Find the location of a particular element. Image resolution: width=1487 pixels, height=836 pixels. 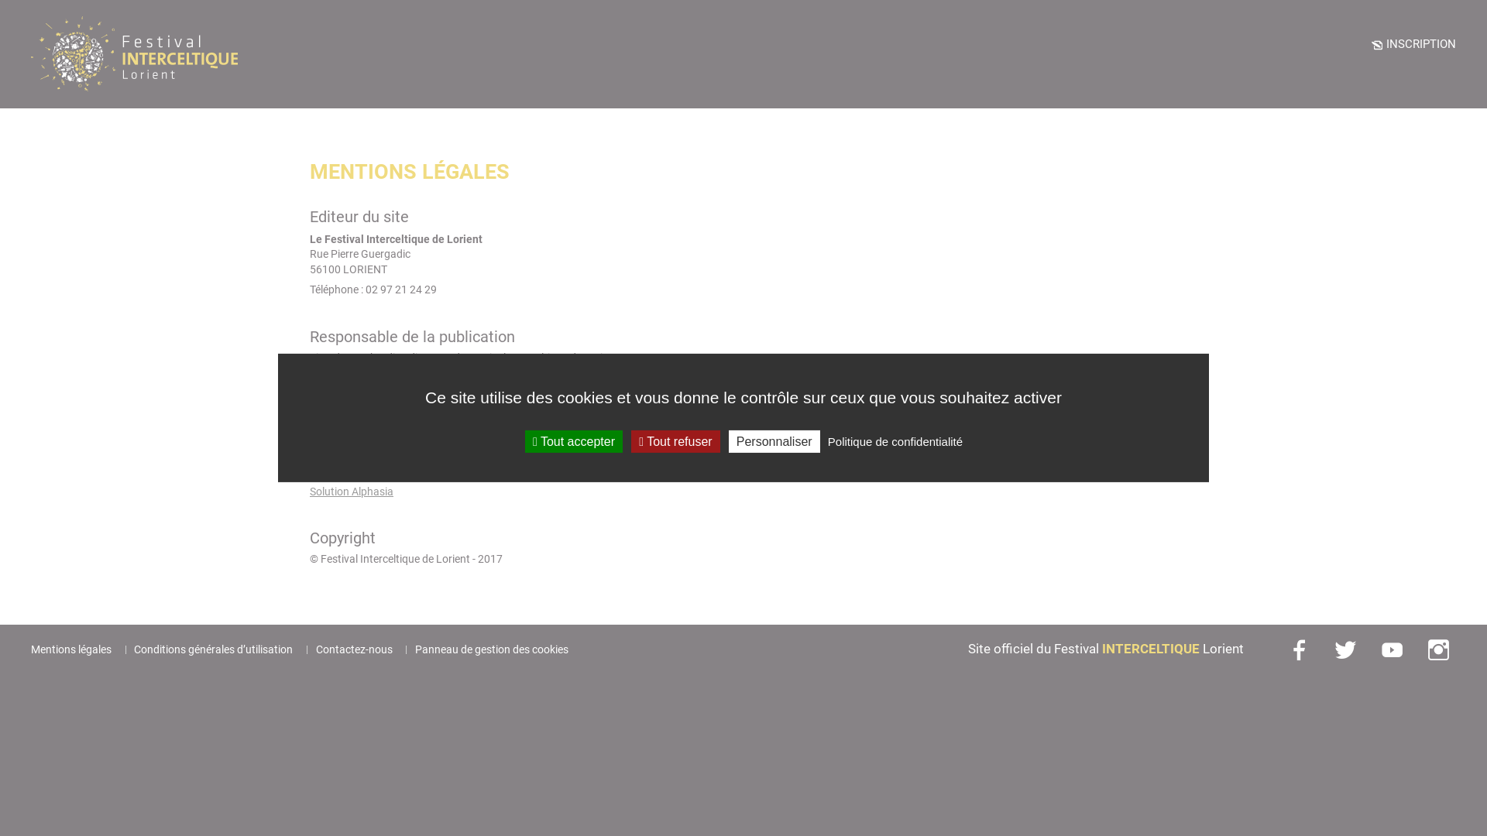

'INSCRIPTION' is located at coordinates (1413, 43).